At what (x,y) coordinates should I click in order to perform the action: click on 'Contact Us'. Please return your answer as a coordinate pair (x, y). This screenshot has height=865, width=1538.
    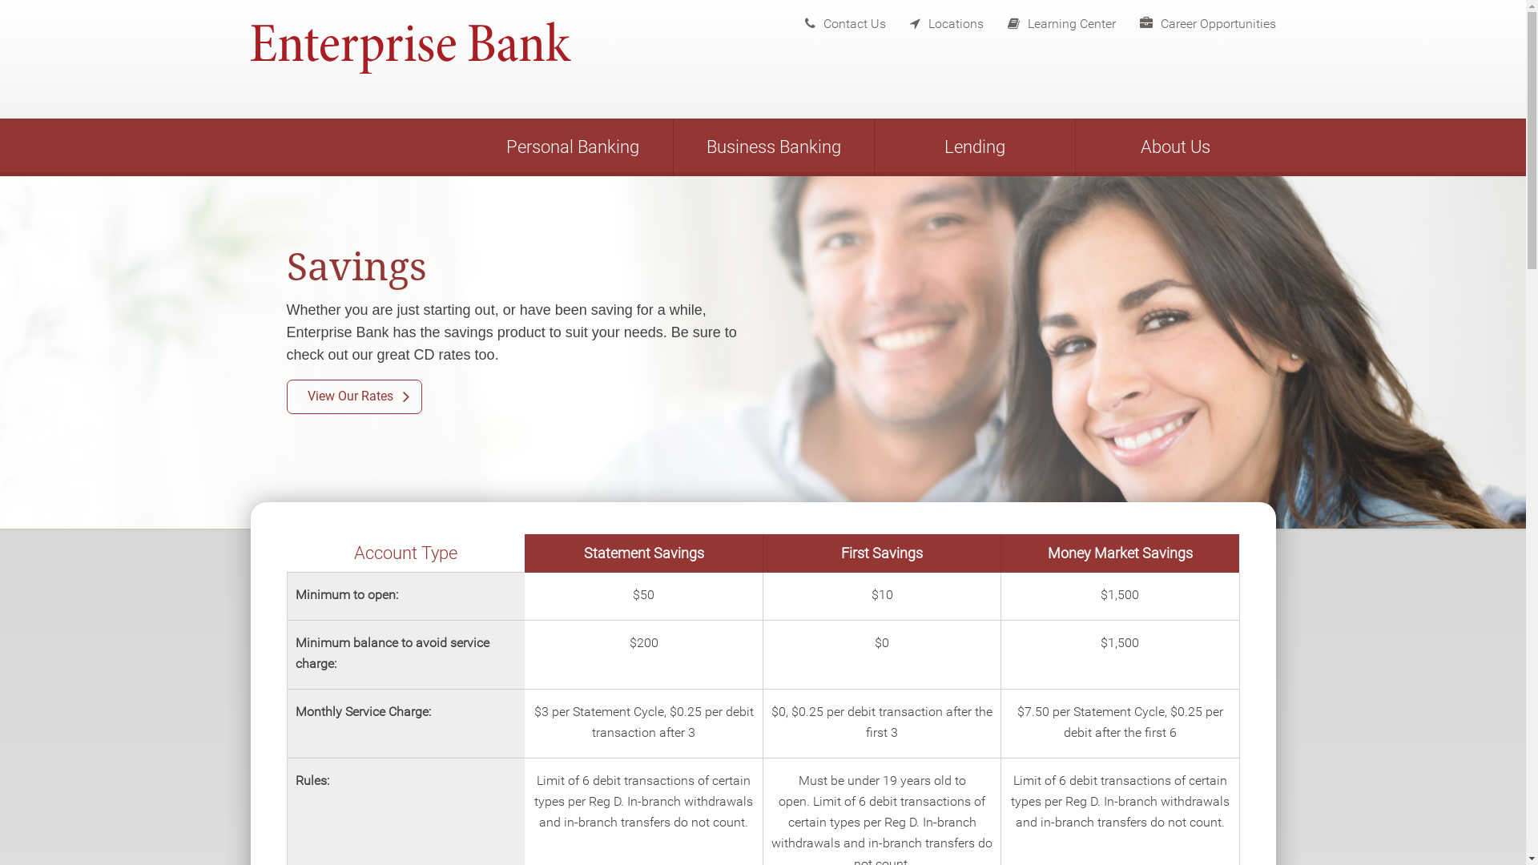
    Looking at the image, I should click on (832, 19).